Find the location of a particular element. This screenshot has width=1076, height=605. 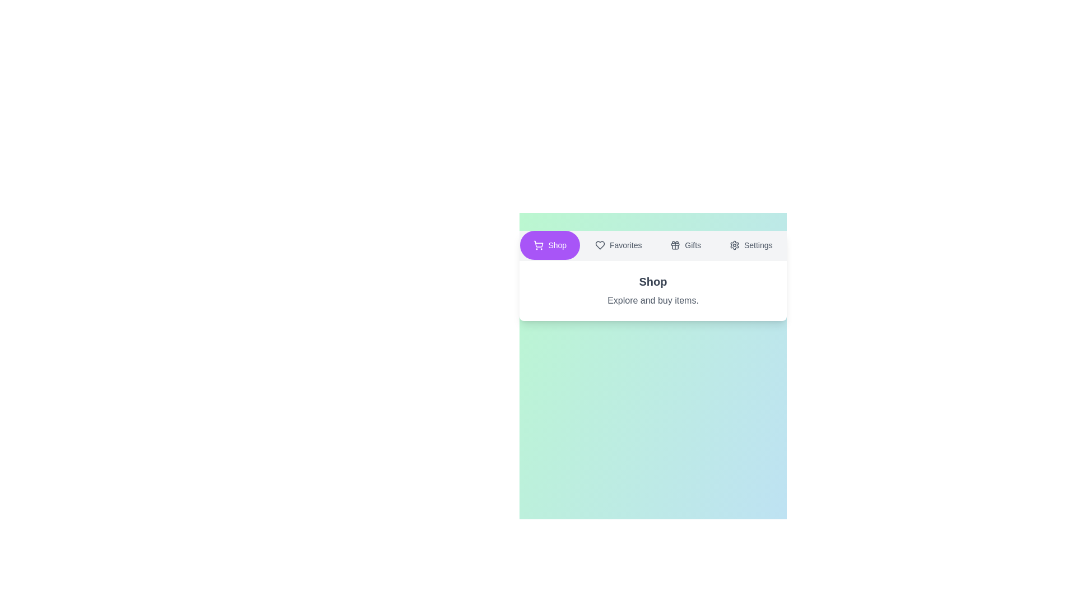

the button labeled Shop is located at coordinates (550, 245).